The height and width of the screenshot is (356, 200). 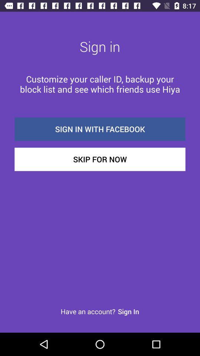 What do you see at coordinates (100, 159) in the screenshot?
I see `the item above have an account?` at bounding box center [100, 159].